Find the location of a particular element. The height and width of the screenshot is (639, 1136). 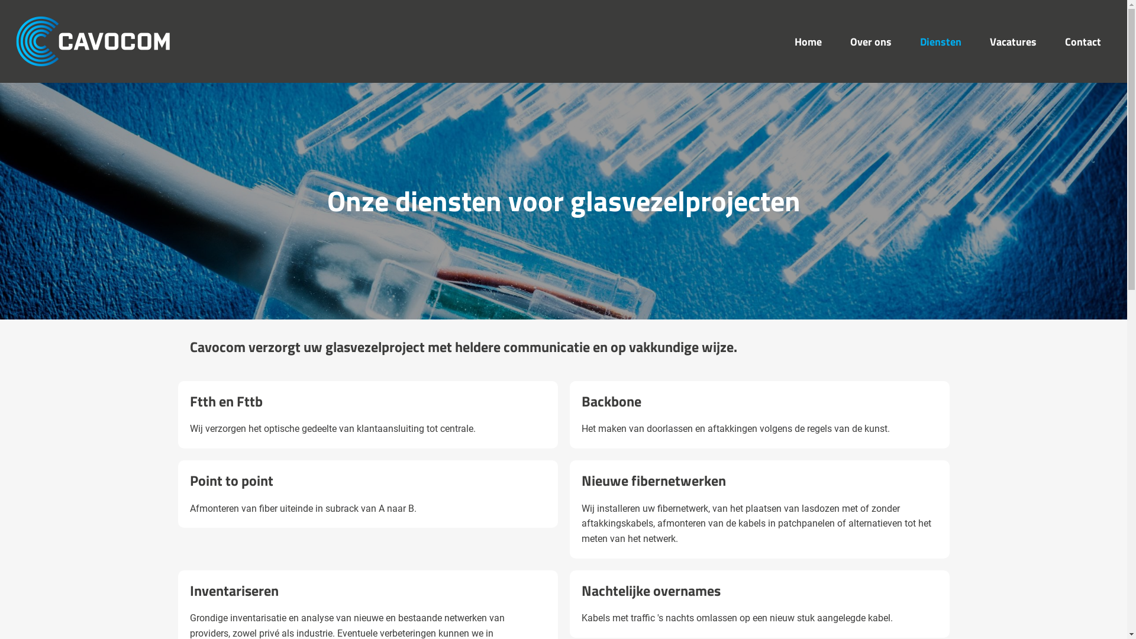

'Cavocom' is located at coordinates (92, 40).